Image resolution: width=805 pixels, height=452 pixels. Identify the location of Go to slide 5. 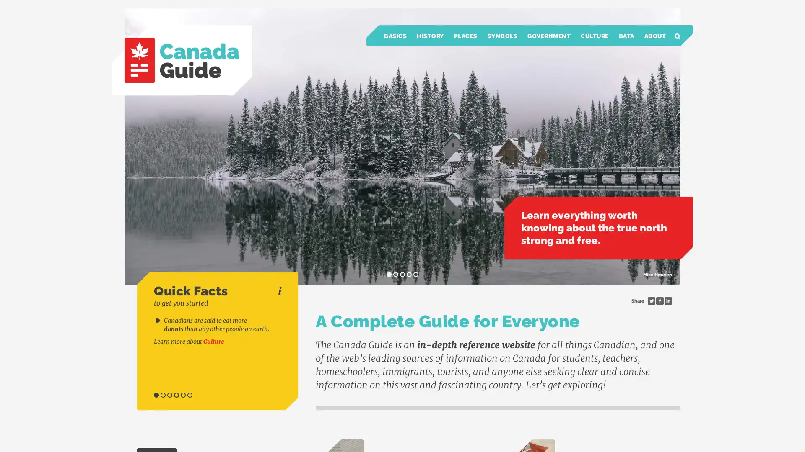
(182, 395).